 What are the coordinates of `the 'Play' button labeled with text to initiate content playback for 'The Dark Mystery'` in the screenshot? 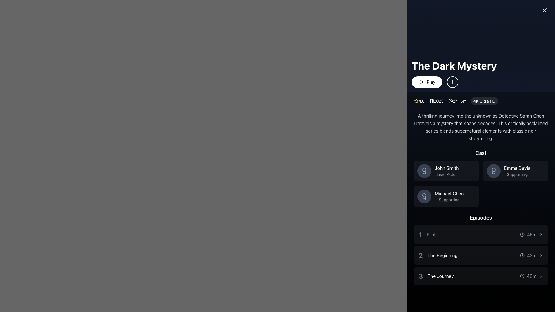 It's located at (431, 82).